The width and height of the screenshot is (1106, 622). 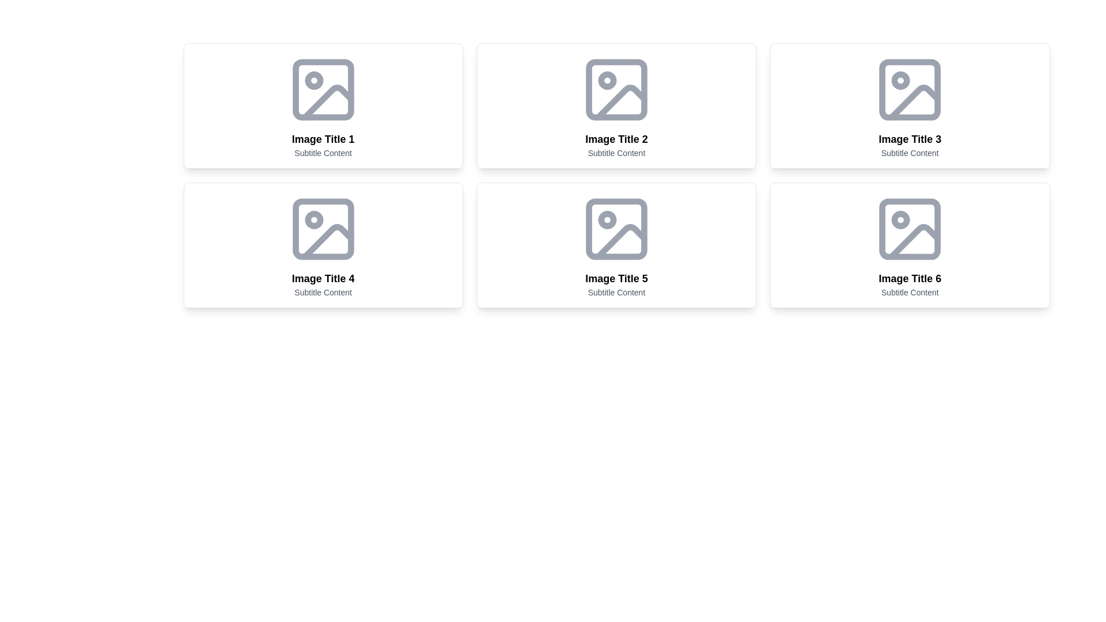 What do you see at coordinates (323, 292) in the screenshot?
I see `the Text Label located below 'Image Title 4' in the fourth card of a grid layout` at bounding box center [323, 292].